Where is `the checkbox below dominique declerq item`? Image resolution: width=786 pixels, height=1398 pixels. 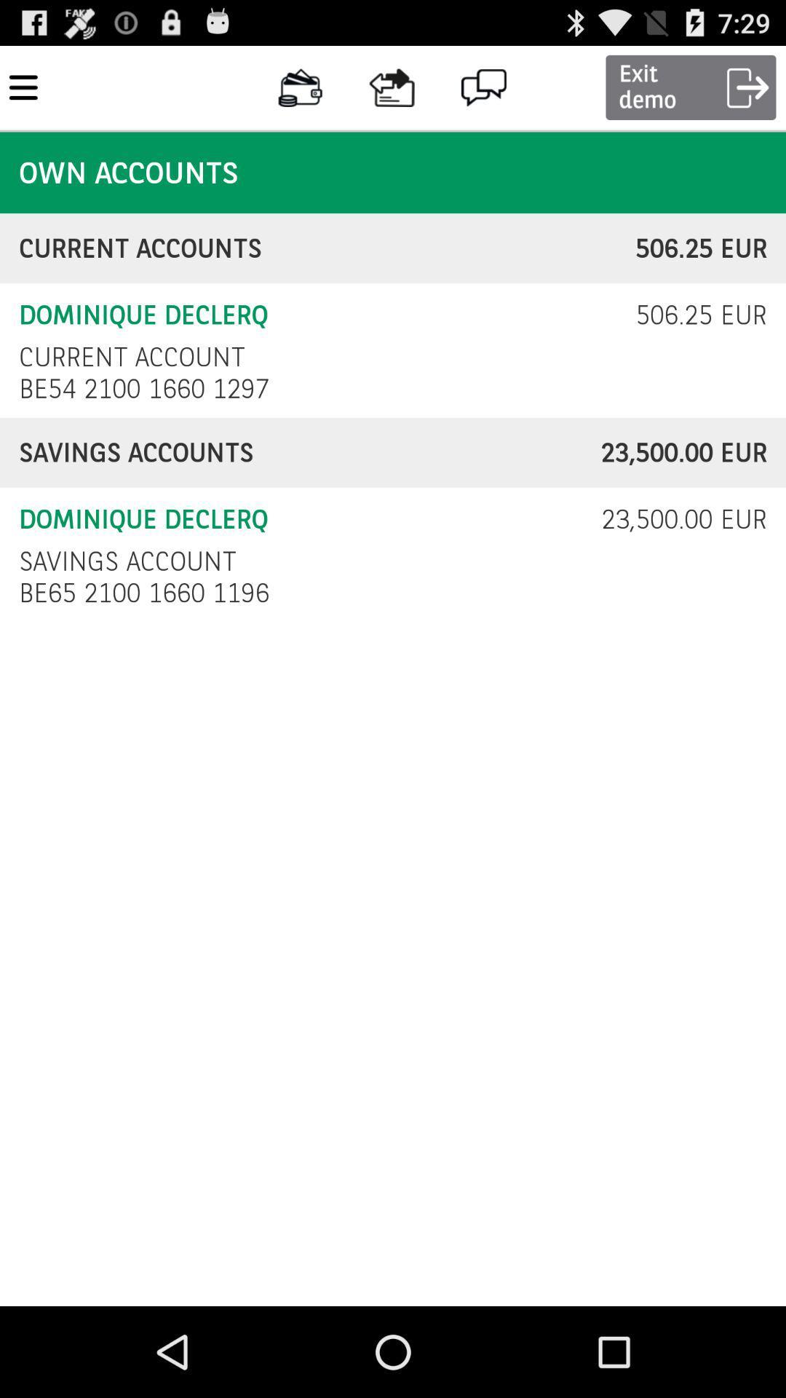
the checkbox below dominique declerq item is located at coordinates (127, 561).